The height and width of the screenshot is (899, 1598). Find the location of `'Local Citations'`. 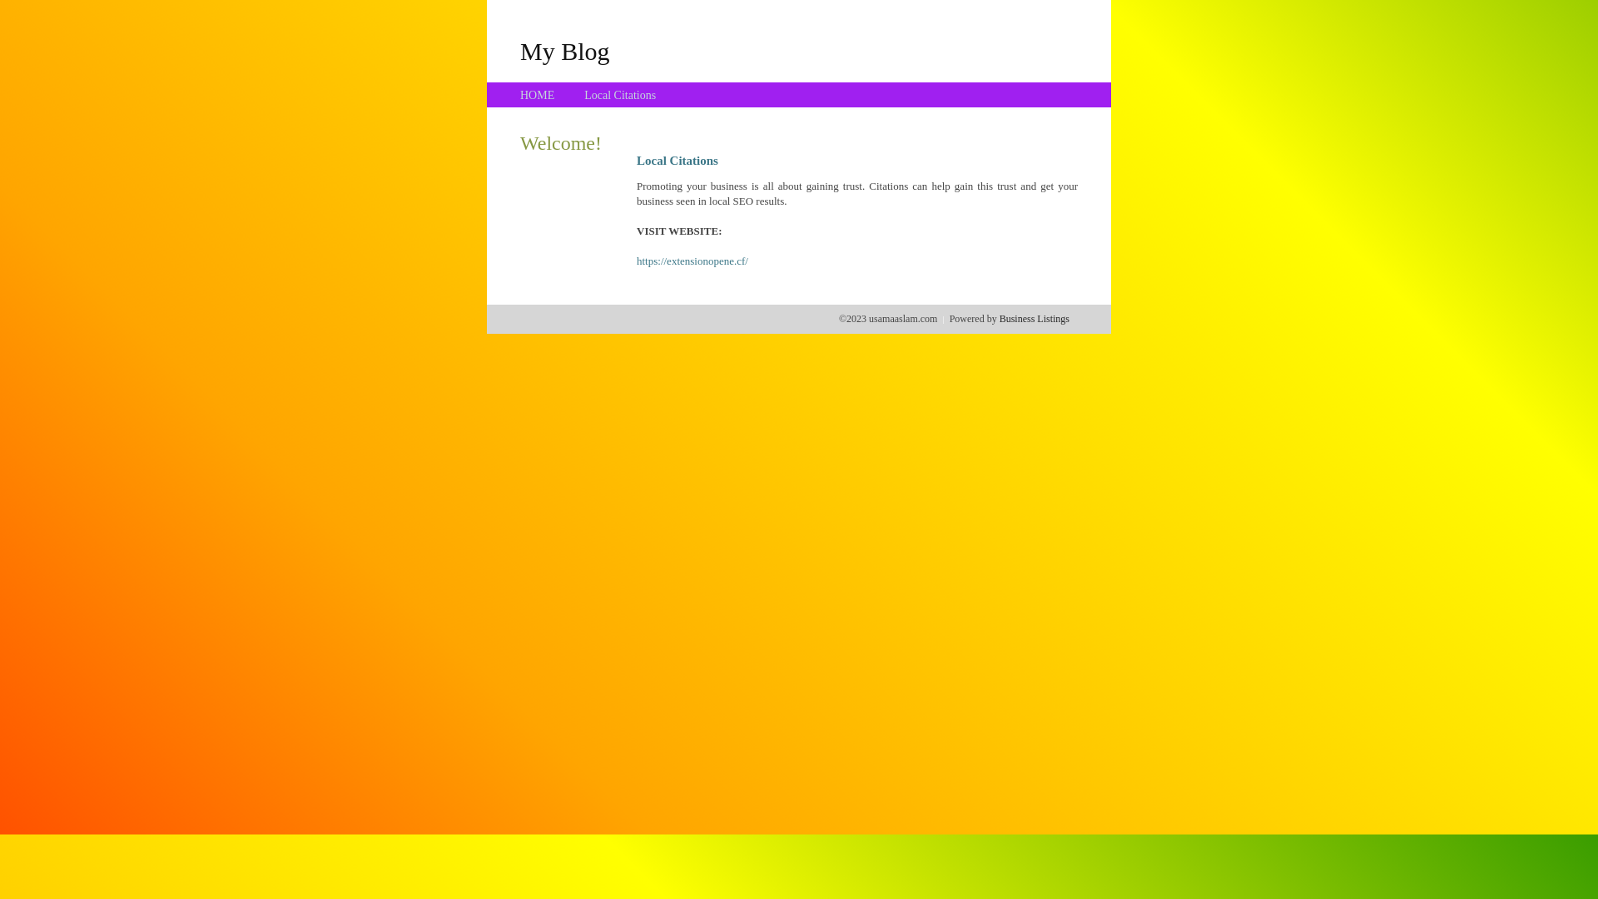

'Local Citations' is located at coordinates (618, 95).